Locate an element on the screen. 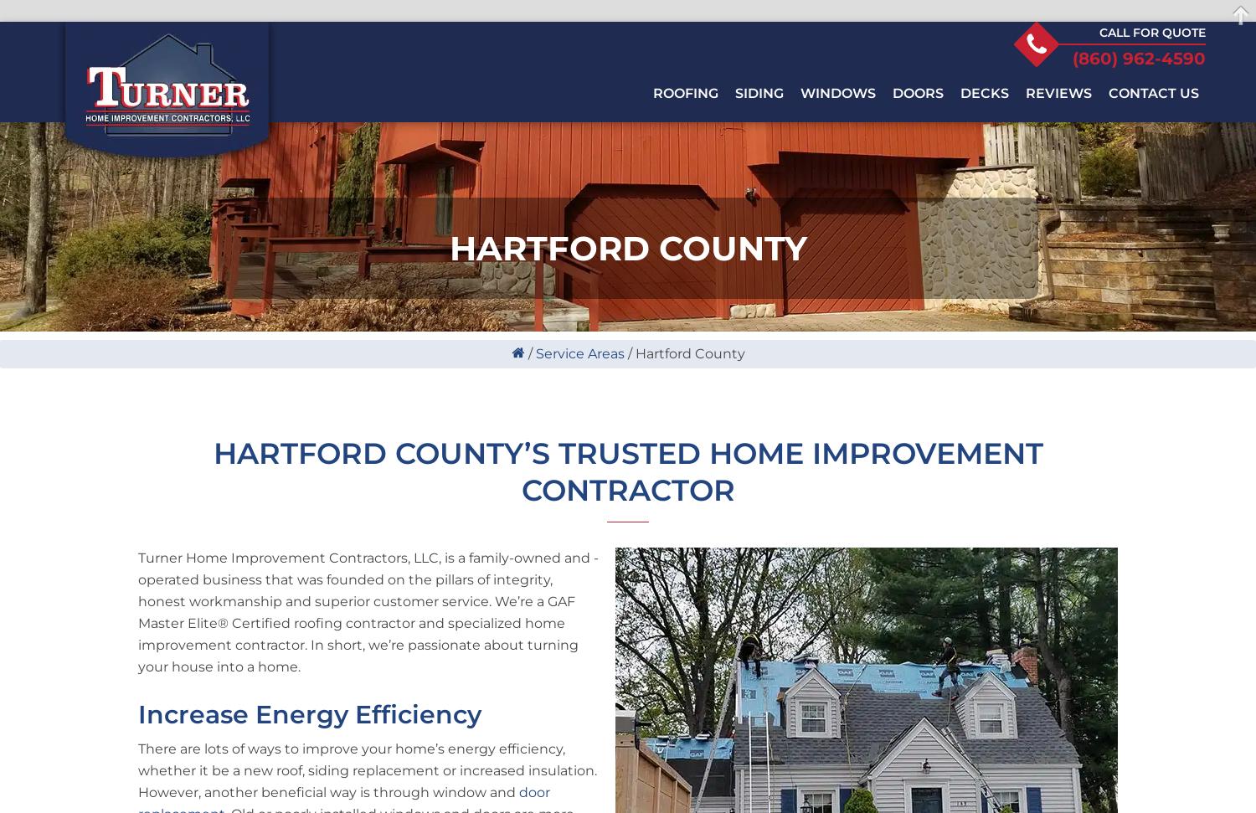 The width and height of the screenshot is (1256, 813). 'Increase Energy Efficiency' is located at coordinates (309, 713).